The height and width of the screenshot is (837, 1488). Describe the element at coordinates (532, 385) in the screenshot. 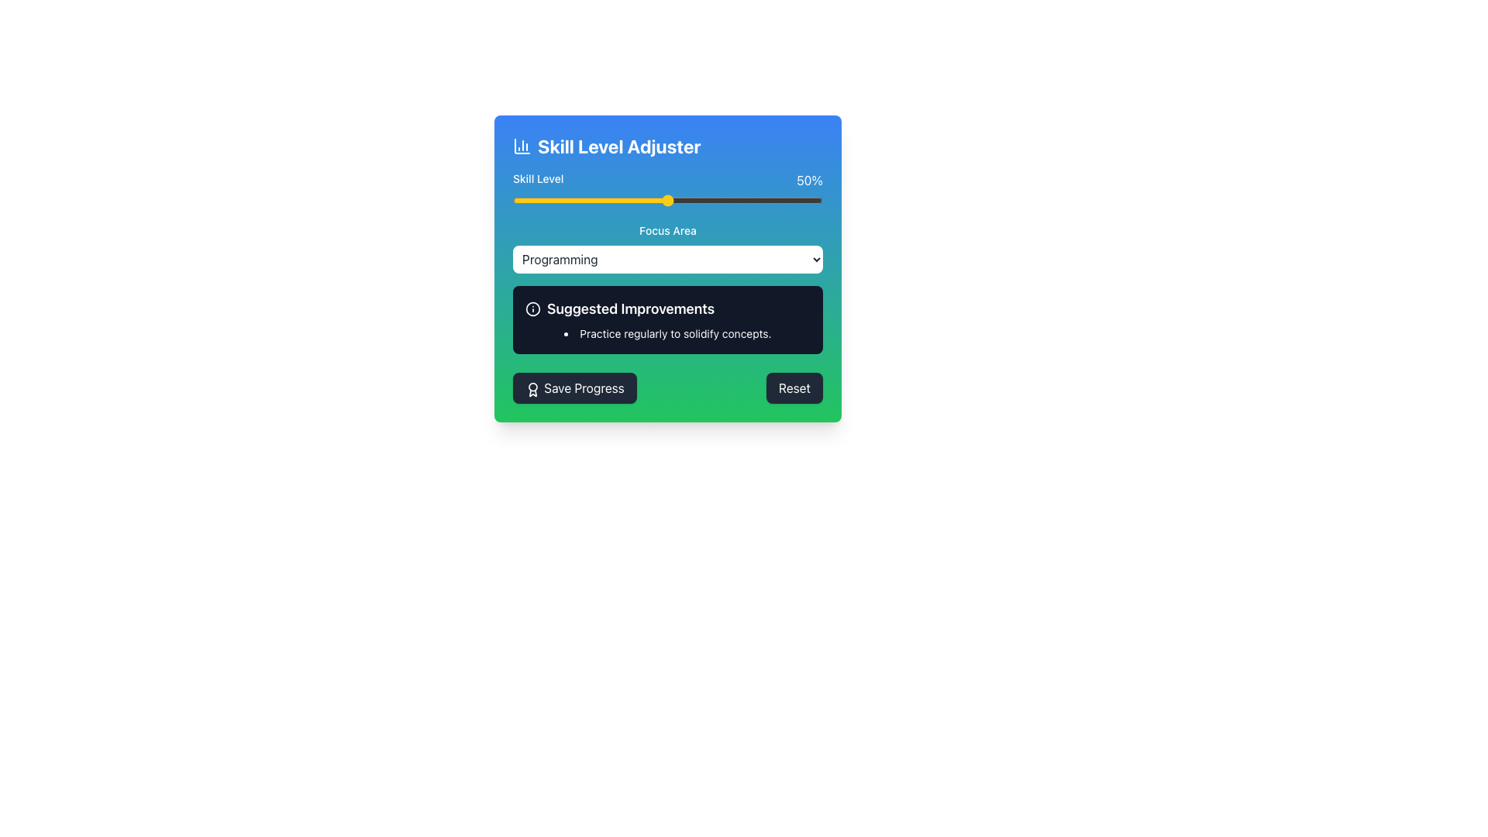

I see `the Decorative Circle in the SVG icon, which is located near the top-left area of the interface adjacent to the text 'Skill Level Adjuster'` at that location.